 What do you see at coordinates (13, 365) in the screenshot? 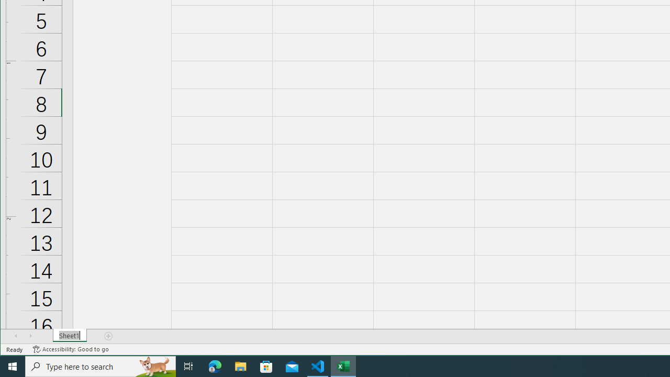
I see `'Start'` at bounding box center [13, 365].